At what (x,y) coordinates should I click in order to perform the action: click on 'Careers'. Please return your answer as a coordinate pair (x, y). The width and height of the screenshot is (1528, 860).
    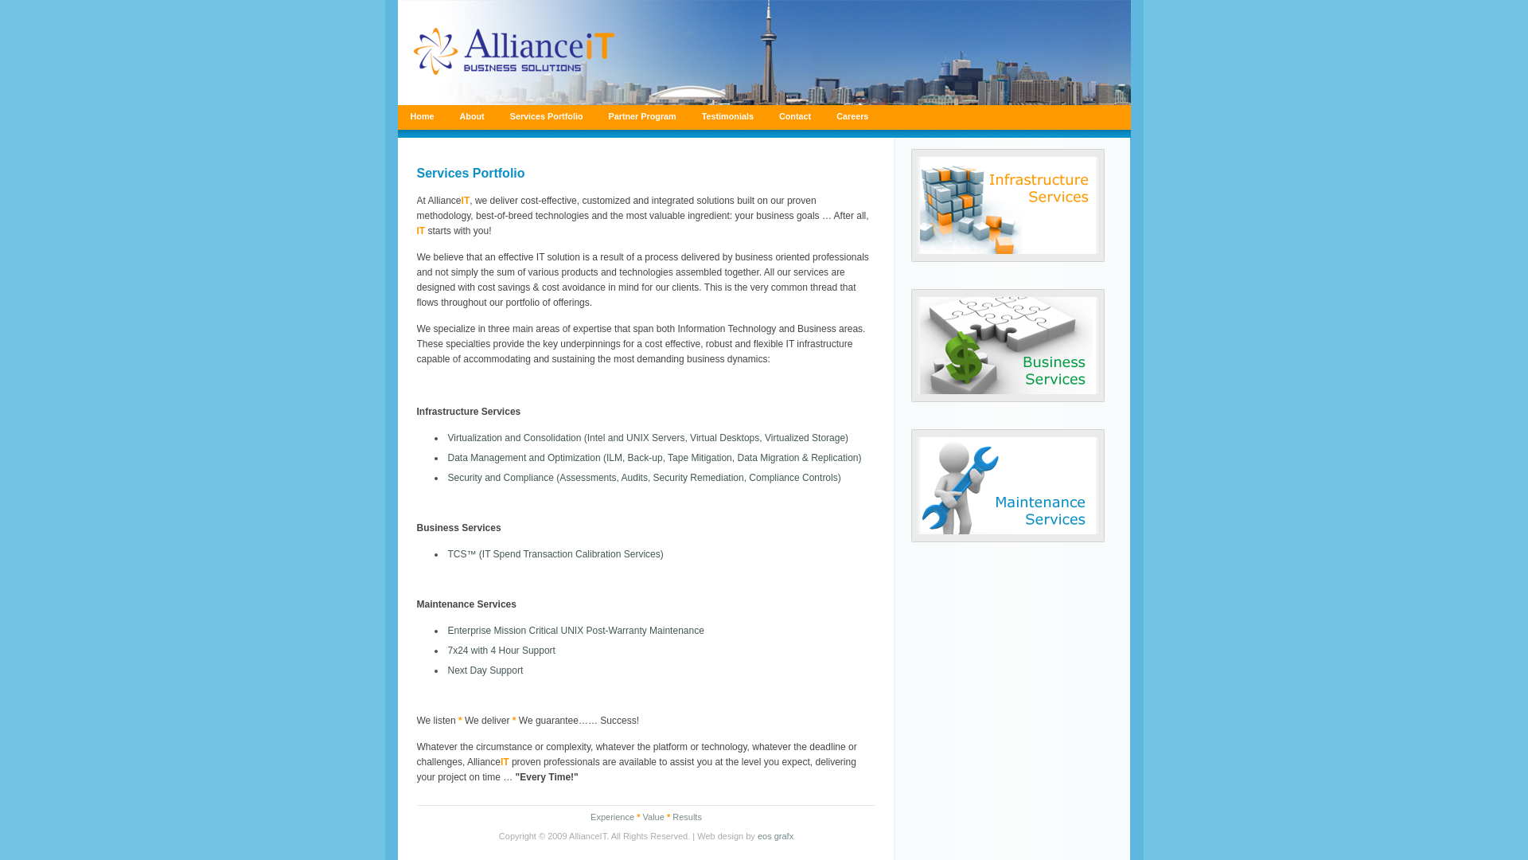
    Looking at the image, I should click on (851, 115).